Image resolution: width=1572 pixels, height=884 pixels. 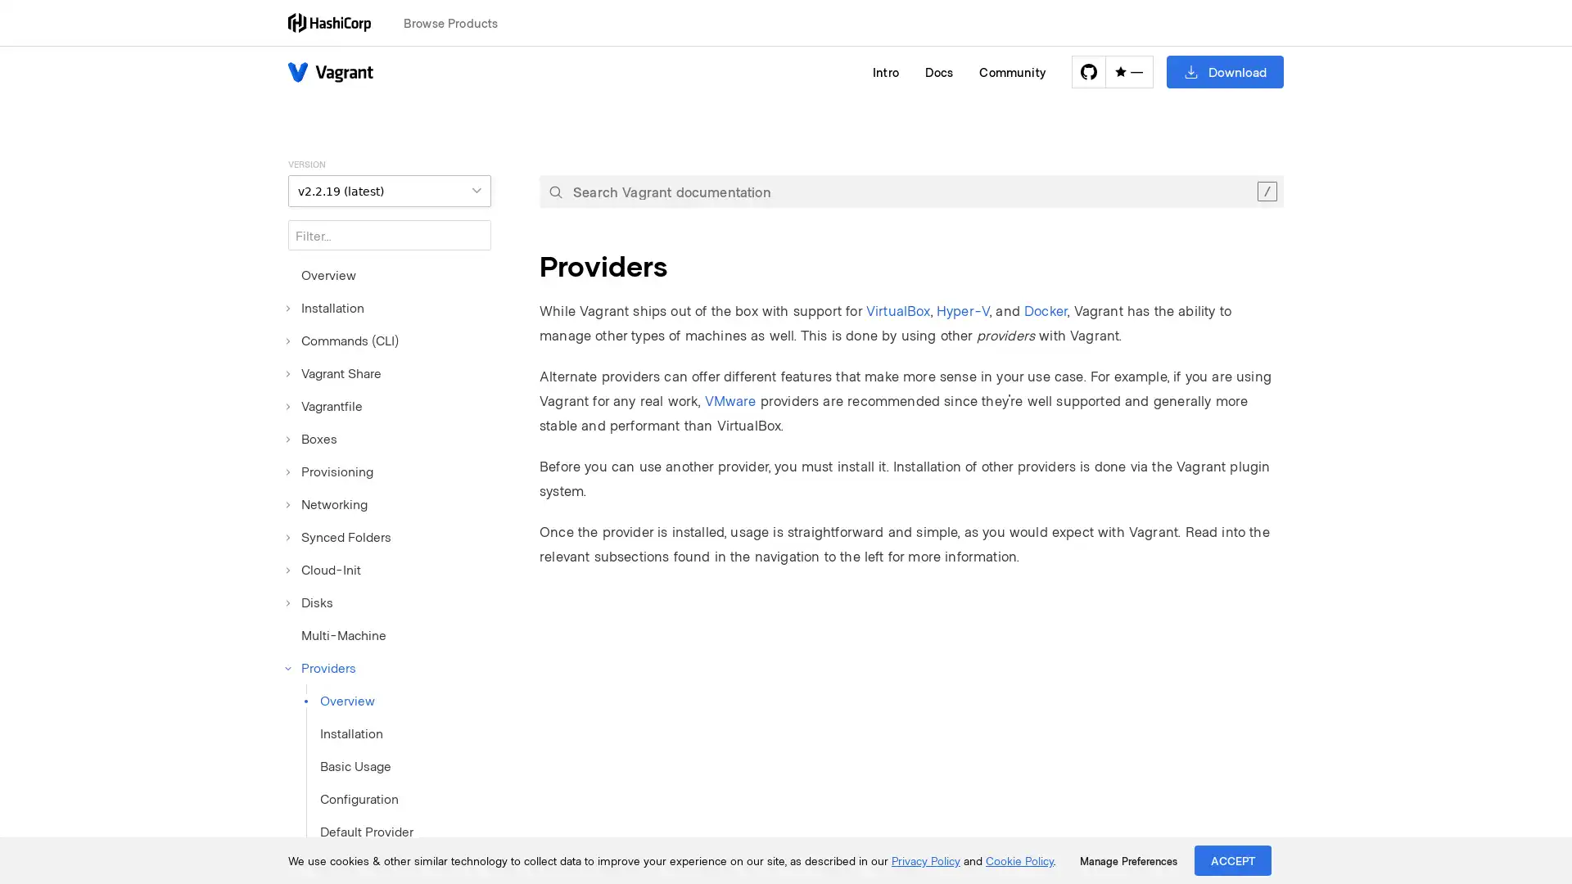 What do you see at coordinates (1266, 191) in the screenshot?
I see `Clear the search query.` at bounding box center [1266, 191].